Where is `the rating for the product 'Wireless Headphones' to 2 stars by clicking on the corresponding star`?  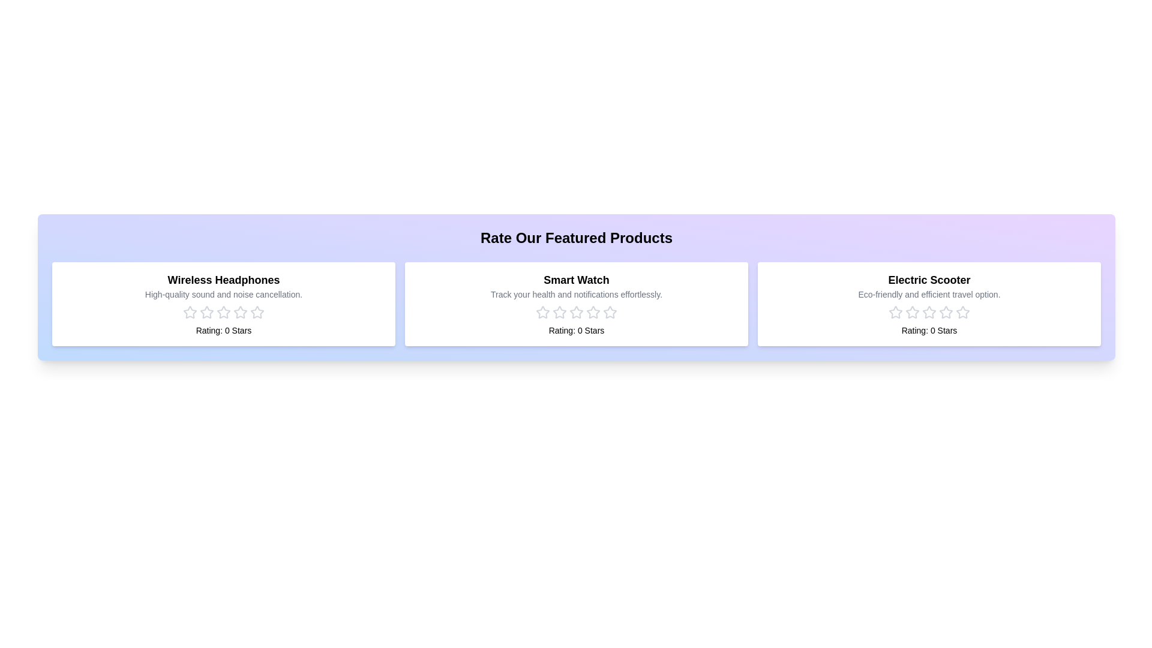
the rating for the product 'Wireless Headphones' to 2 stars by clicking on the corresponding star is located at coordinates (207, 311).